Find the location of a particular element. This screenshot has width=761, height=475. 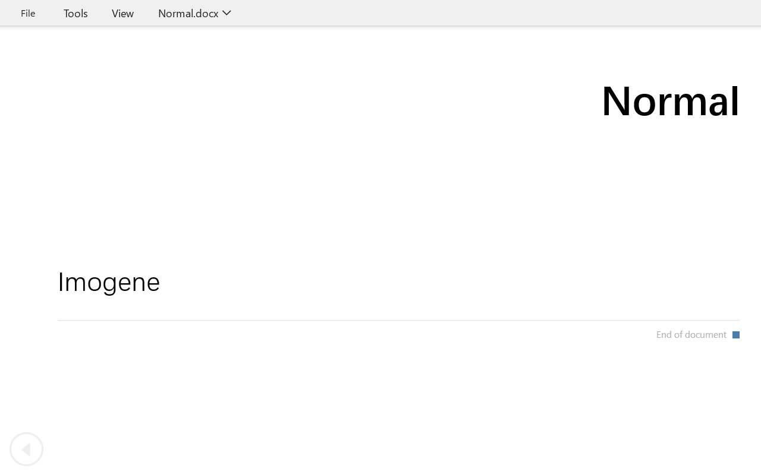

'Tools' is located at coordinates (75, 12).